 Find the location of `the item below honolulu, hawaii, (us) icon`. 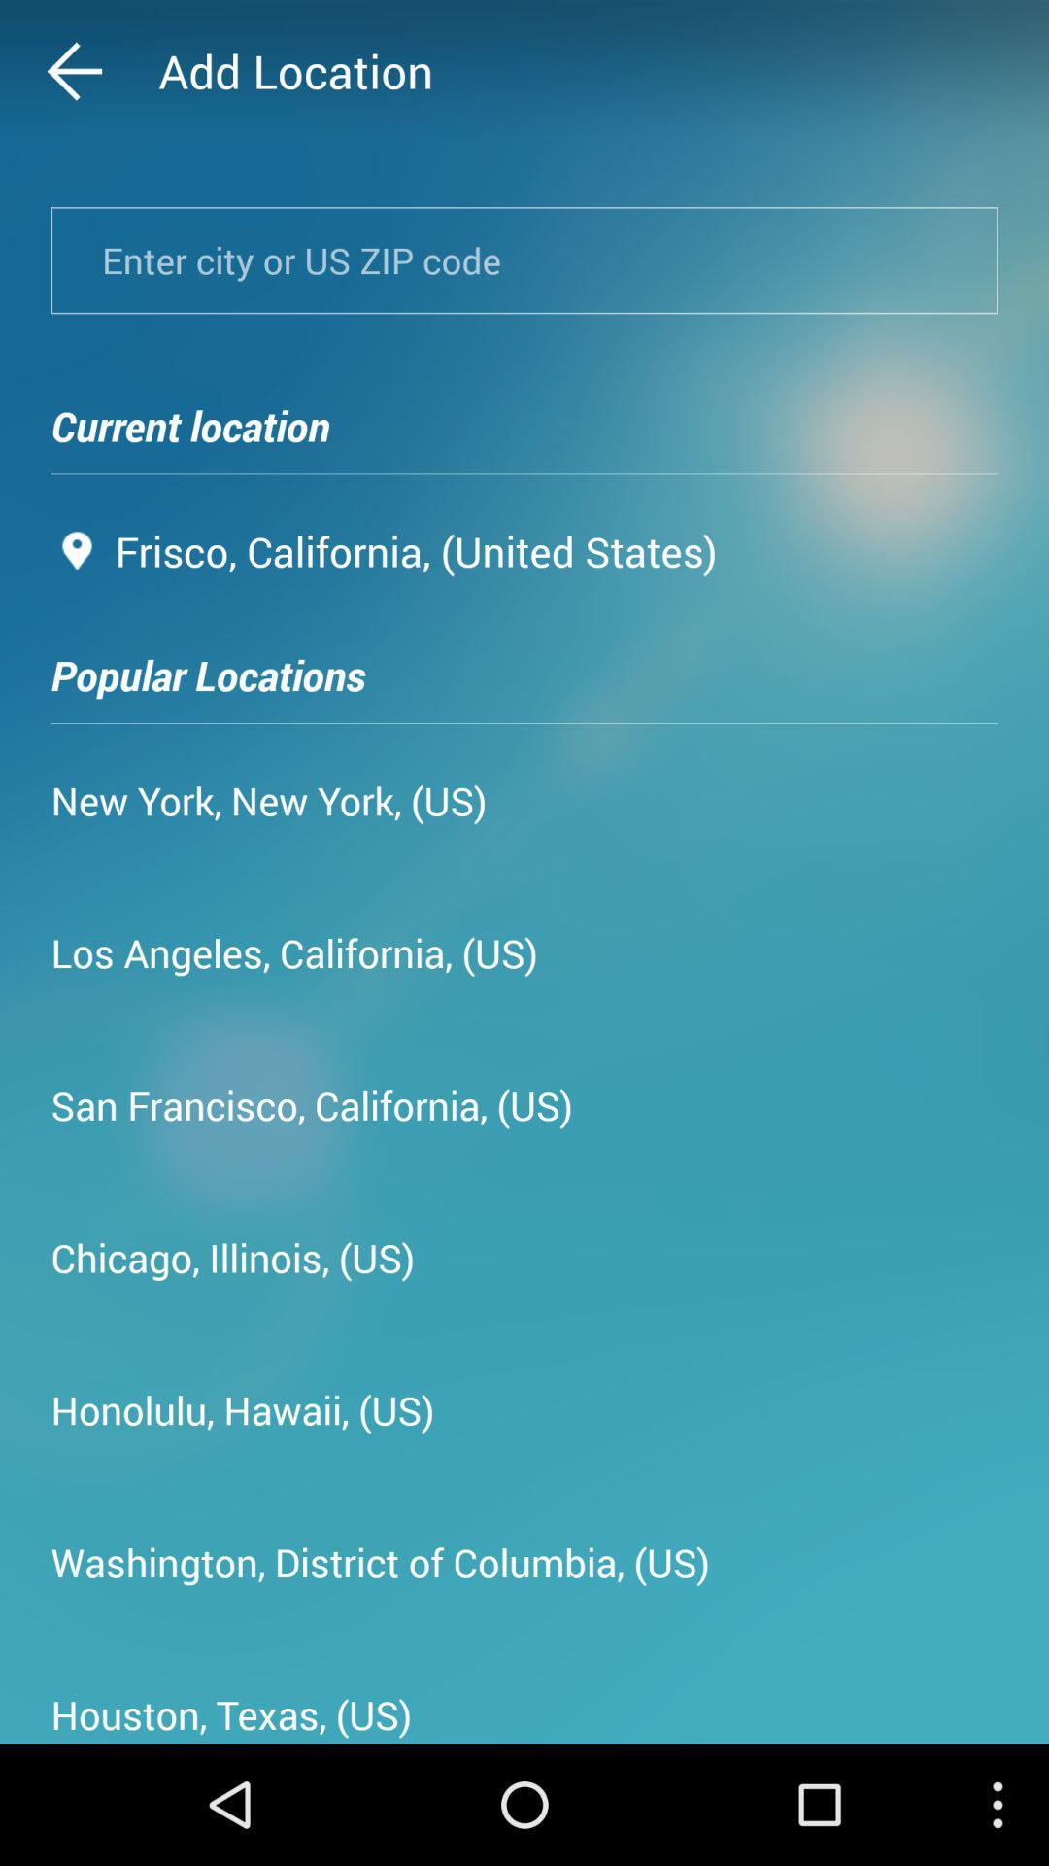

the item below honolulu, hawaii, (us) icon is located at coordinates (380, 1562).